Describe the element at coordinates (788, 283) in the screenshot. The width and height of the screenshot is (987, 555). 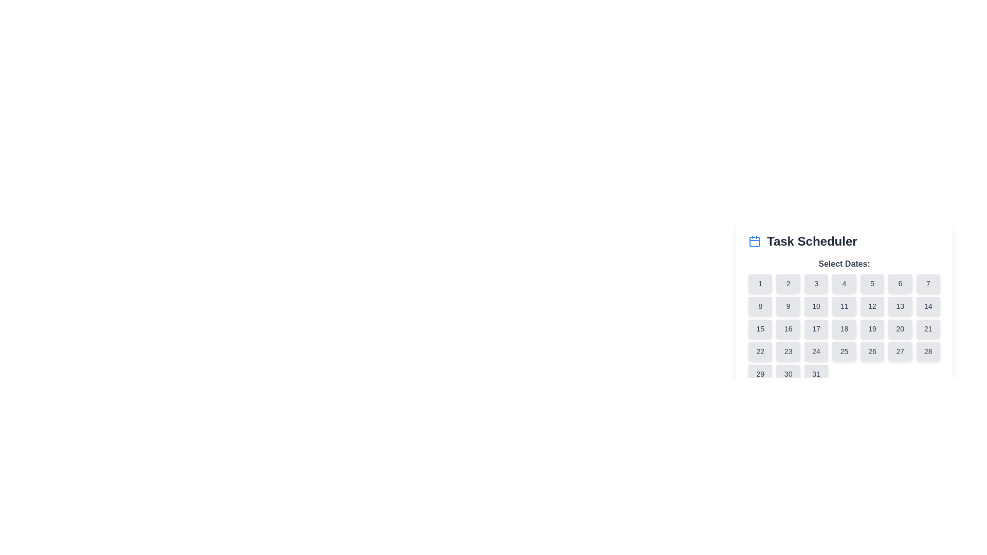
I see `the square button displaying the number '2' with a light gray background, located` at that location.